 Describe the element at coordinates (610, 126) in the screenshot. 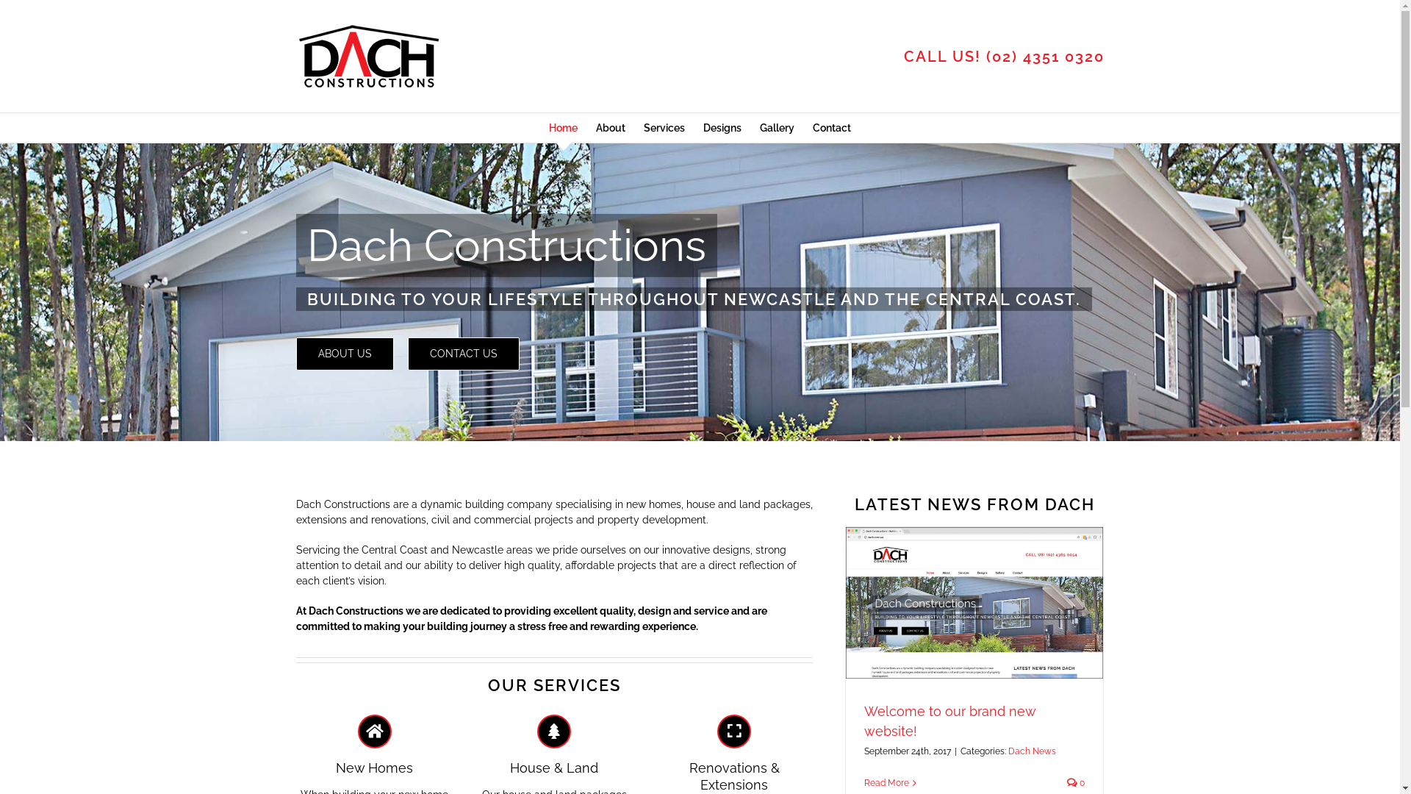

I see `'About'` at that location.